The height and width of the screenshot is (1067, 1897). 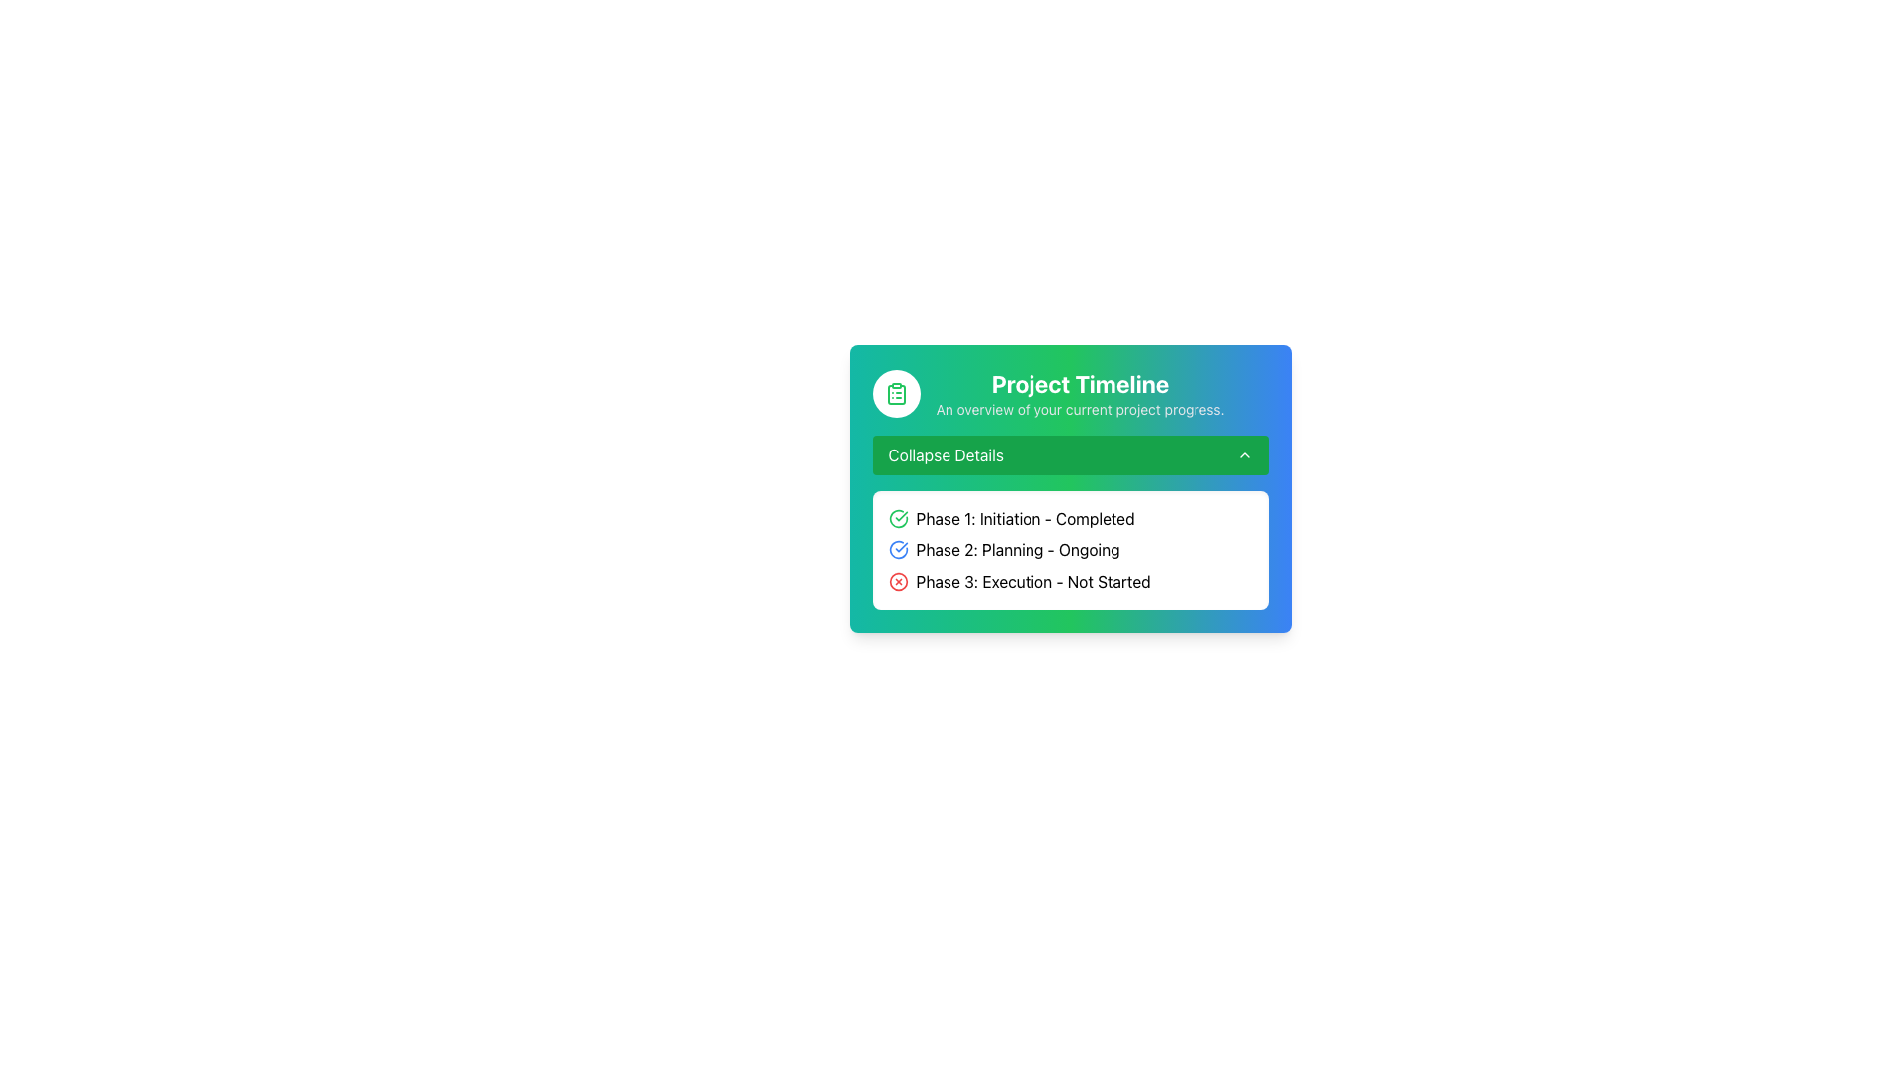 I want to click on the 'Execution' status text element in the project timeline, which indicates 'Not Started', so click(x=1069, y=581).